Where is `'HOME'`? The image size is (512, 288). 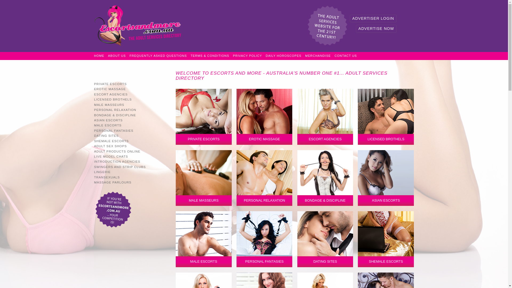 'HOME' is located at coordinates (99, 56).